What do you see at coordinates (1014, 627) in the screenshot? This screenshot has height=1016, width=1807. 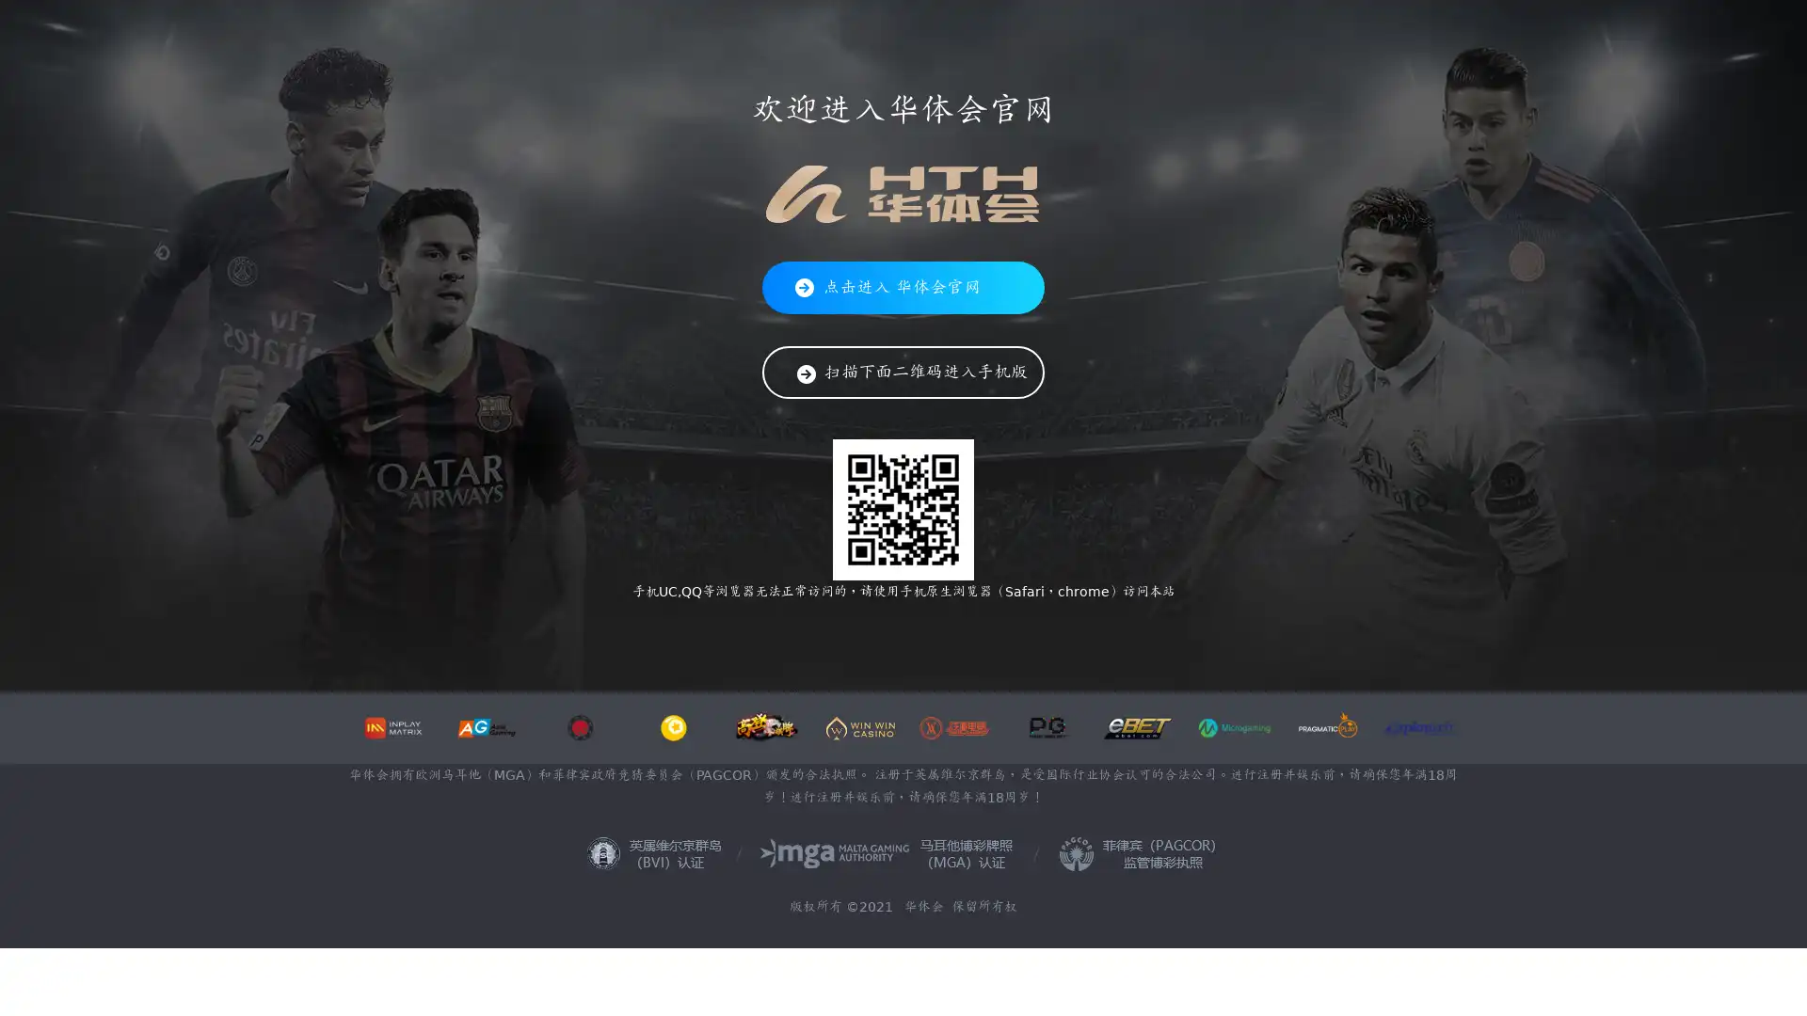 I see `14` at bounding box center [1014, 627].